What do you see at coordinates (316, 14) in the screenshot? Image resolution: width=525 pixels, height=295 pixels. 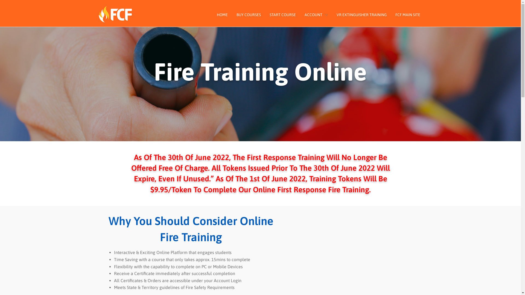 I see `'ACCOUNT'` at bounding box center [316, 14].